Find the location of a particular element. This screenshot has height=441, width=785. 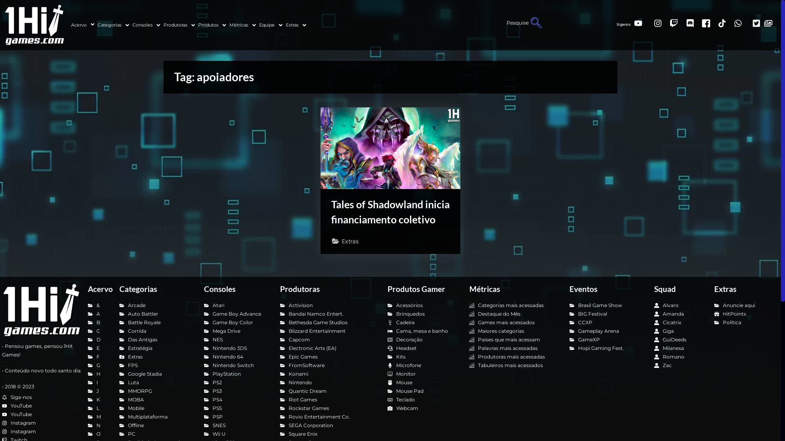

'&' is located at coordinates (99, 305).